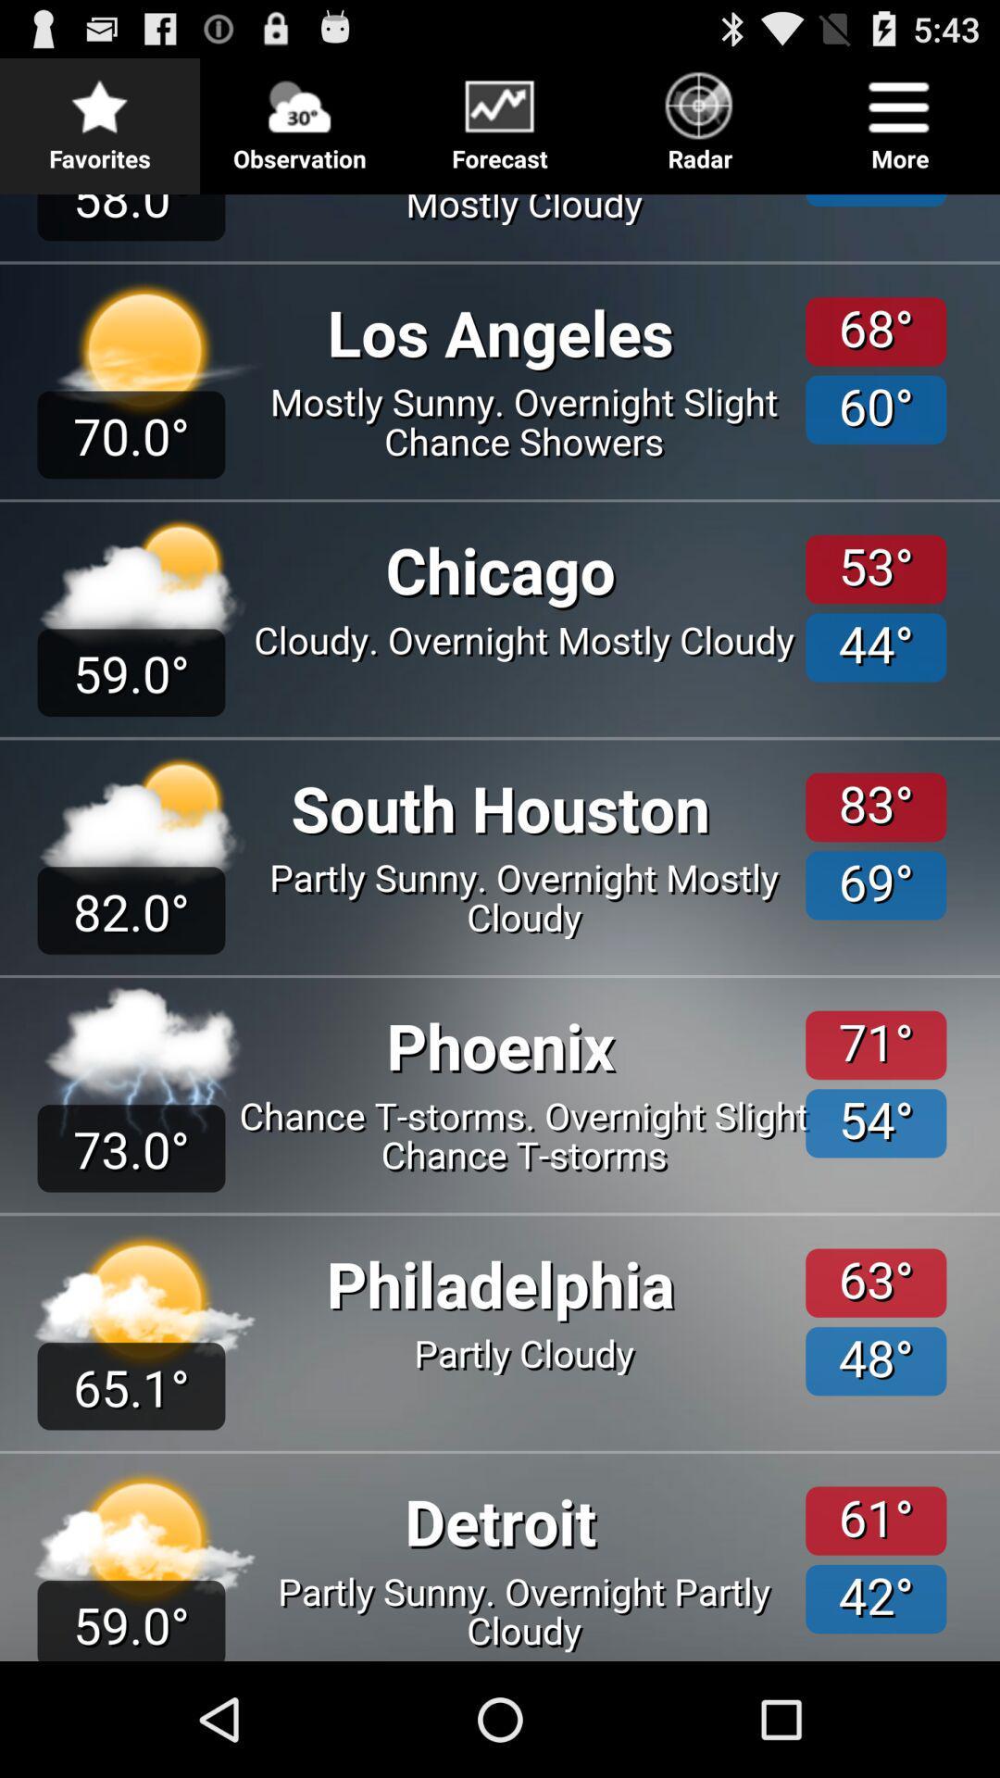  I want to click on the radar, so click(700, 115).